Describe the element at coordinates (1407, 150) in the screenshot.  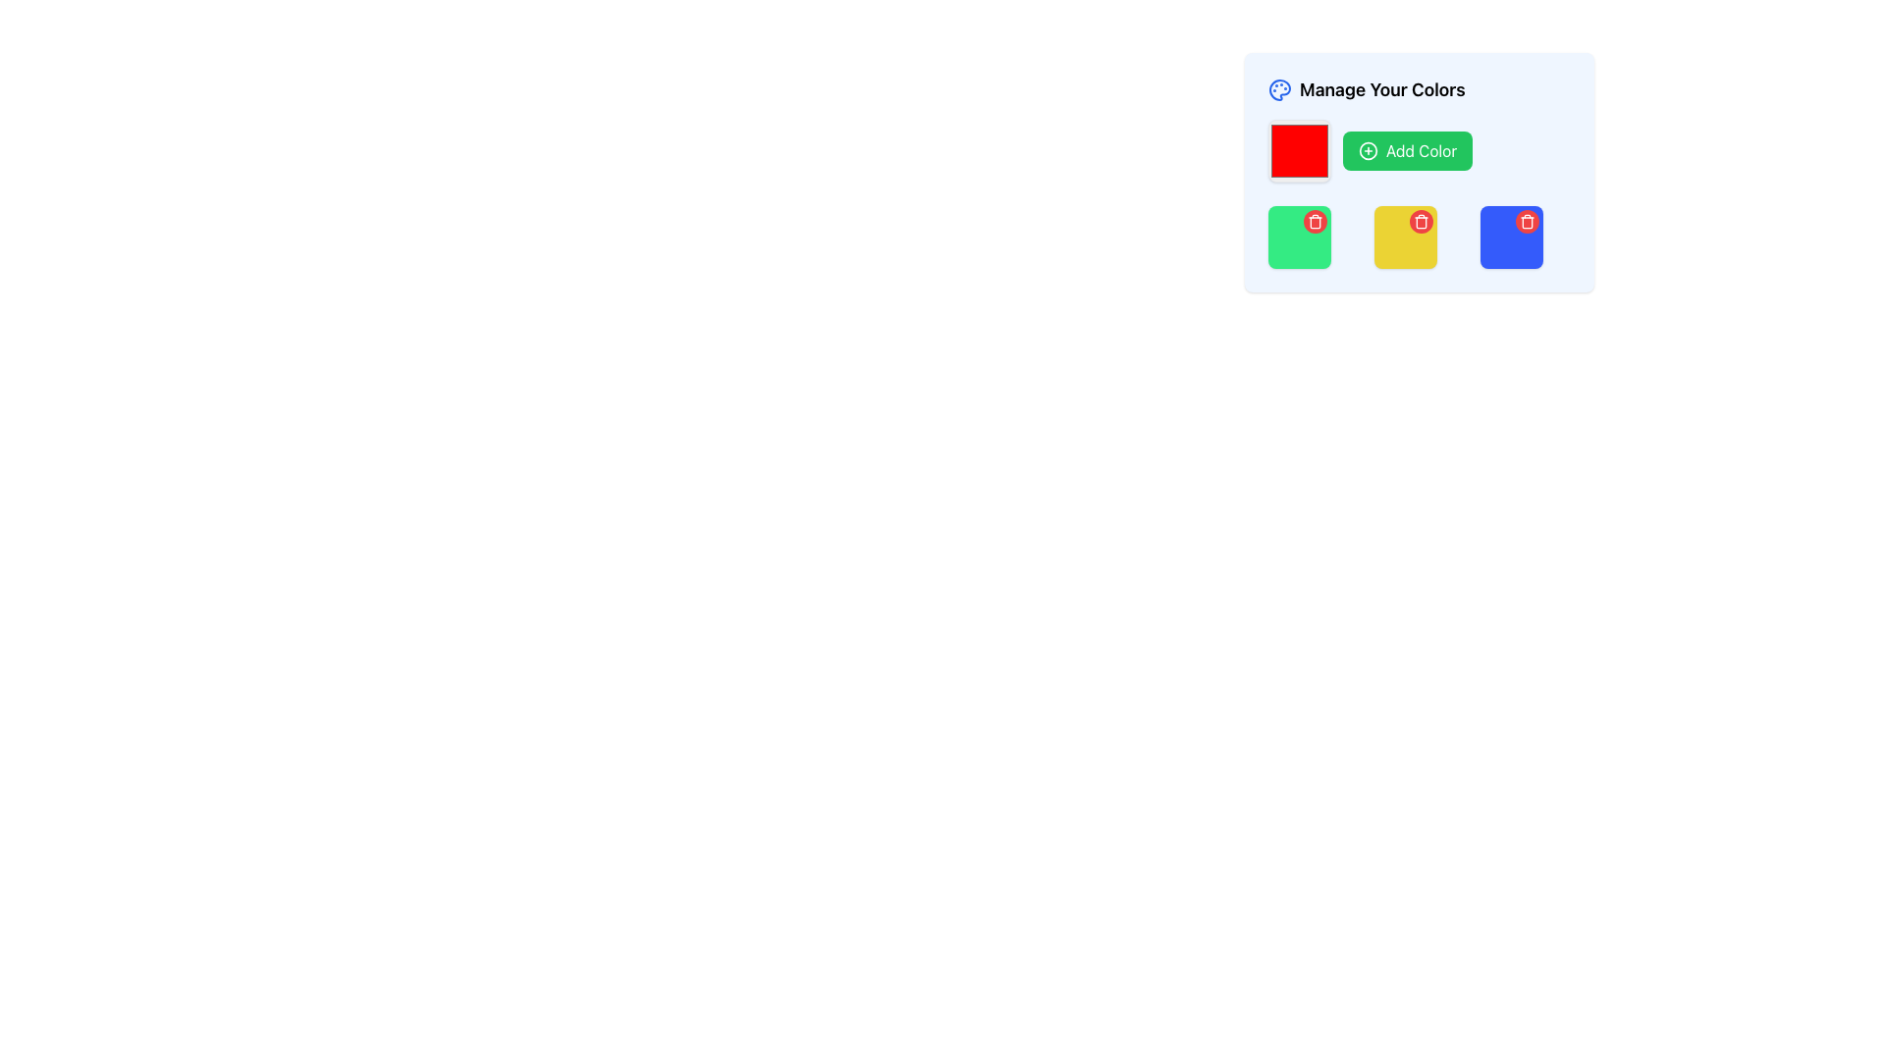
I see `the 'Add Color' button located in the 'Manage Your Colors' panel, which is positioned to the right of the square red color swatch` at that location.